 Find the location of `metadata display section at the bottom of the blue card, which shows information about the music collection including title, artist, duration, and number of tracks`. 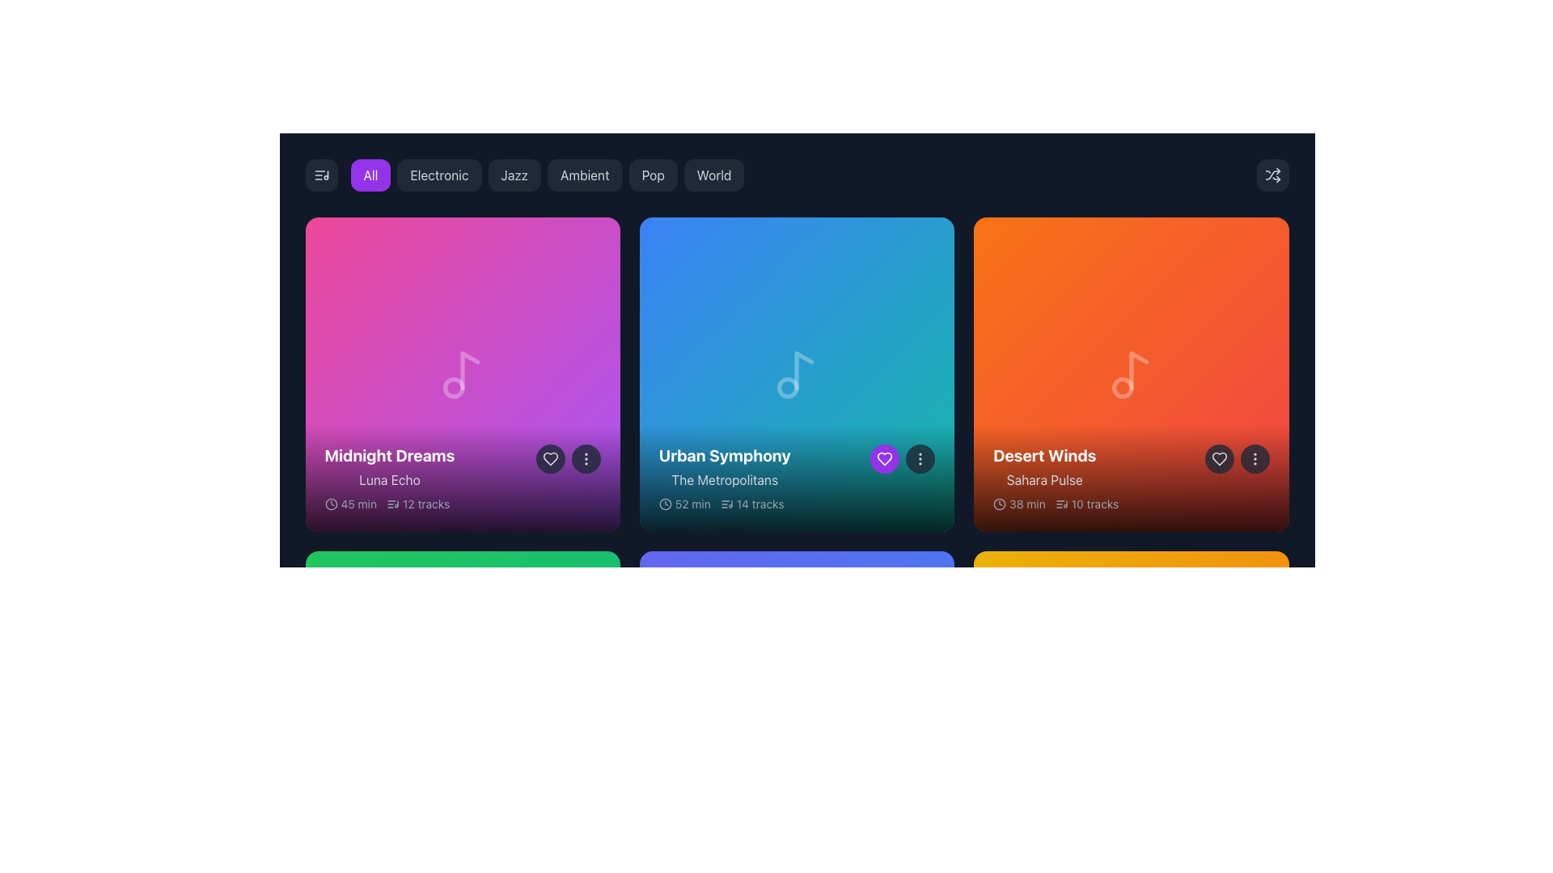

metadata display section at the bottom of the blue card, which shows information about the music collection including title, artist, duration, and number of tracks is located at coordinates (797, 478).